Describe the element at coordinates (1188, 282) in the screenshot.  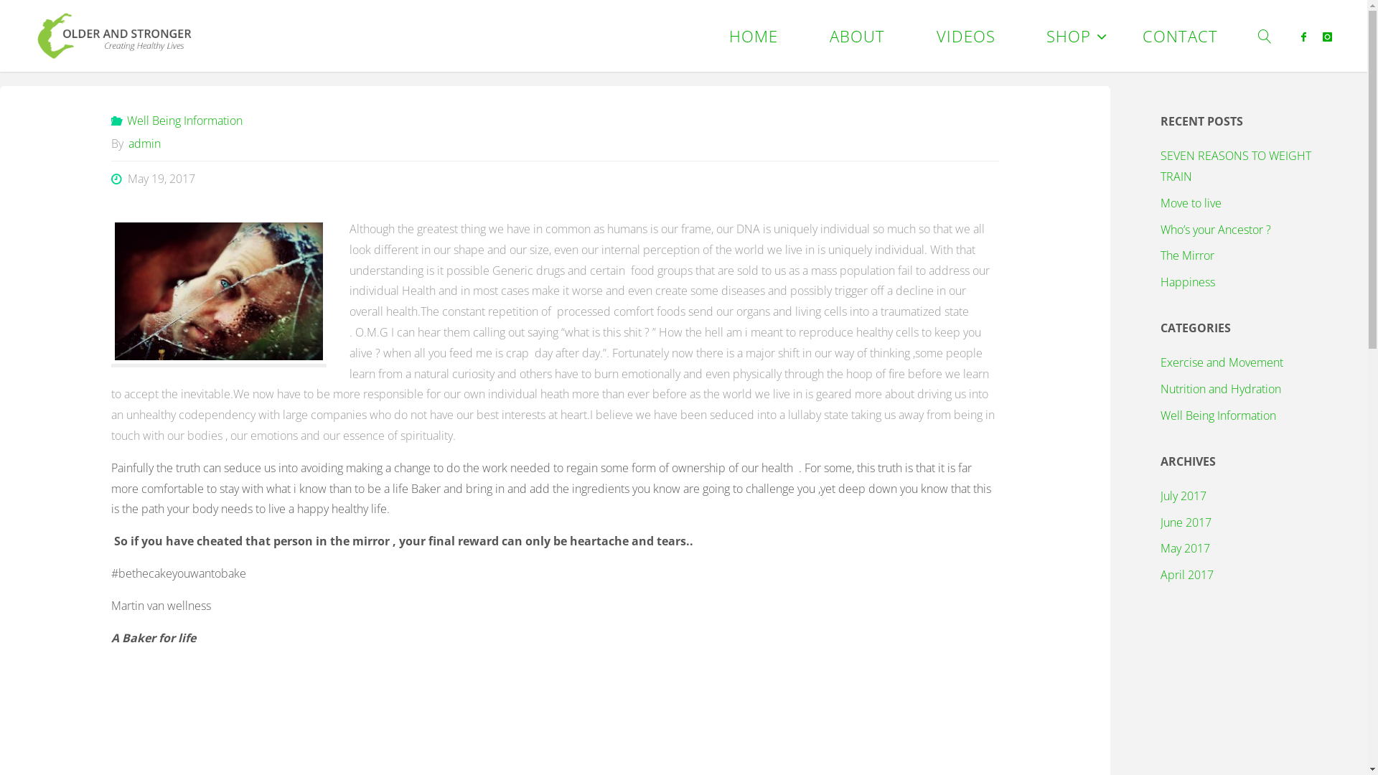
I see `'Happiness'` at that location.